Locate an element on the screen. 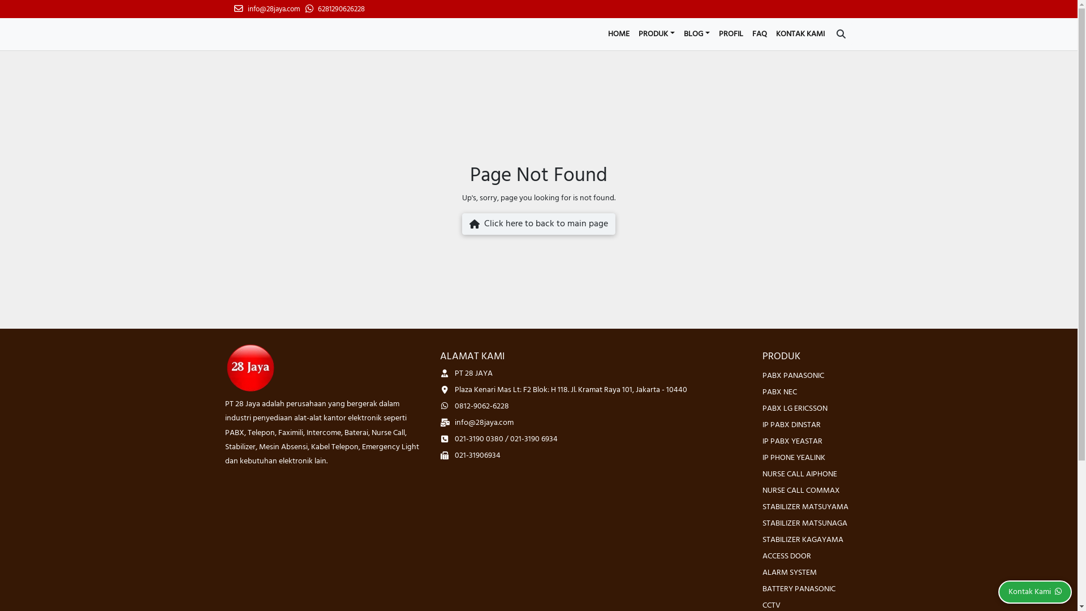 This screenshot has width=1086, height=611. 'IP PABX YEASTAR' is located at coordinates (762, 441).